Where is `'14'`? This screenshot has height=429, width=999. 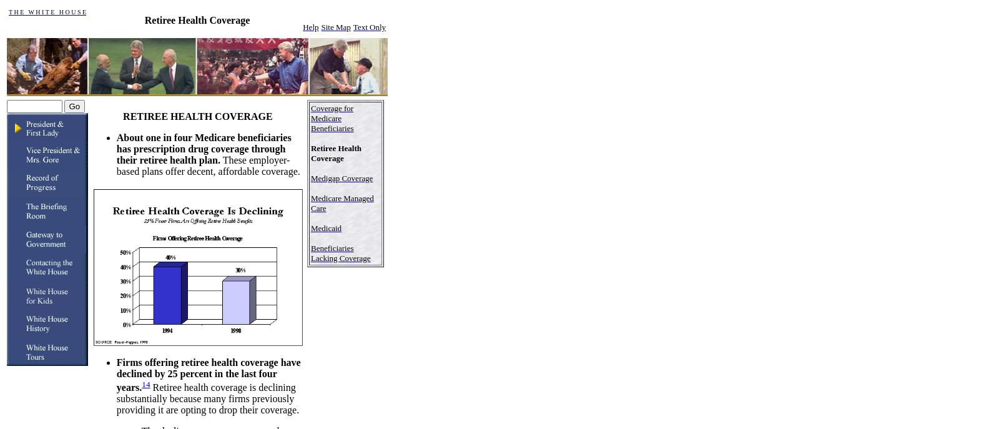
'14' is located at coordinates (145, 383).